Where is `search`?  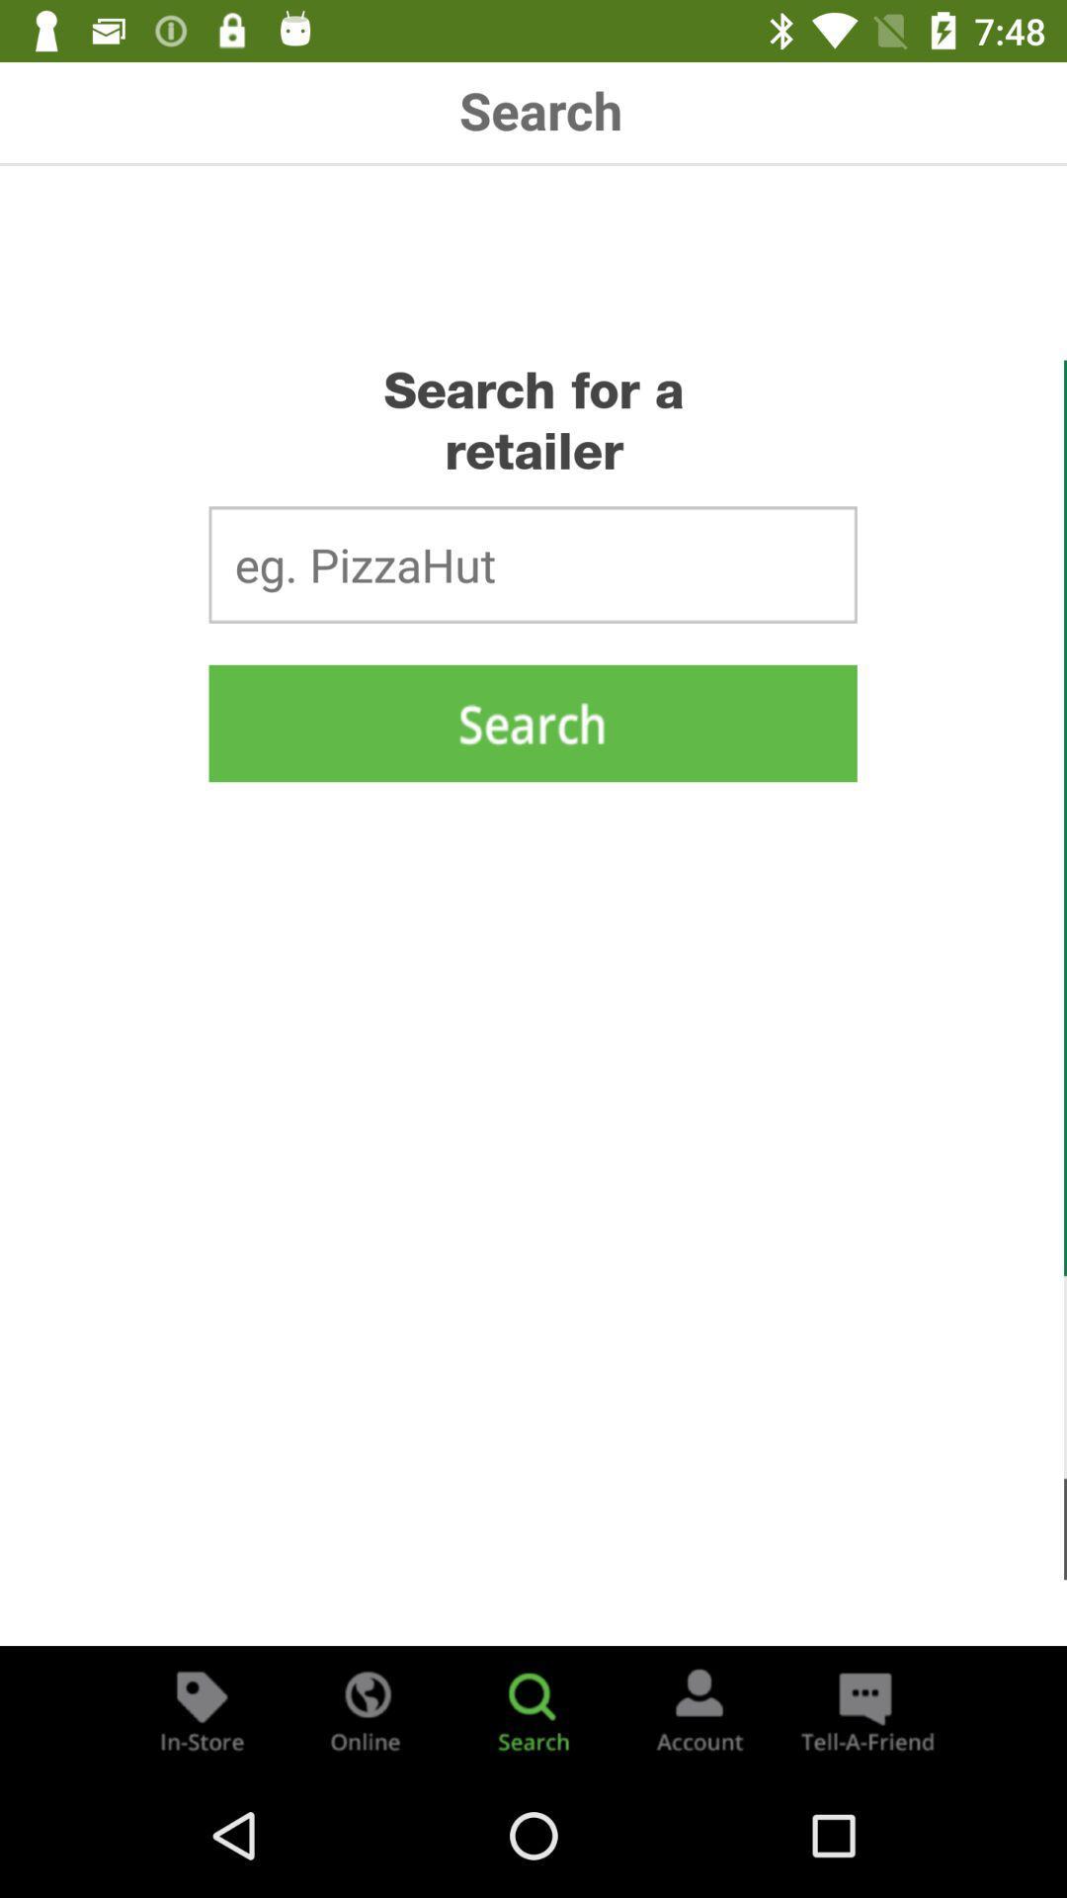 search is located at coordinates (533, 1708).